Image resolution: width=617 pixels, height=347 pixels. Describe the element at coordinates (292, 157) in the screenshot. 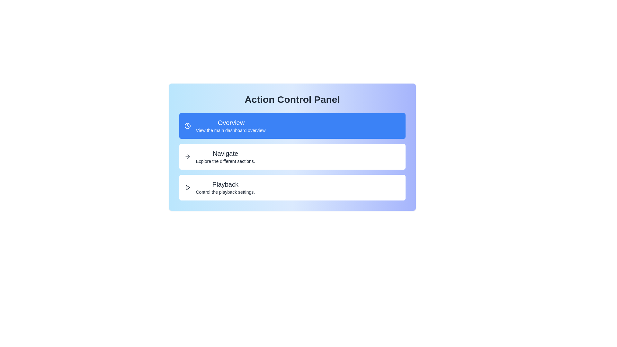

I see `the white rectangular button with rounded corners located in the center of the 'Action Control Panel', positioned below the 'Overview' section and above the 'Playback' section` at that location.